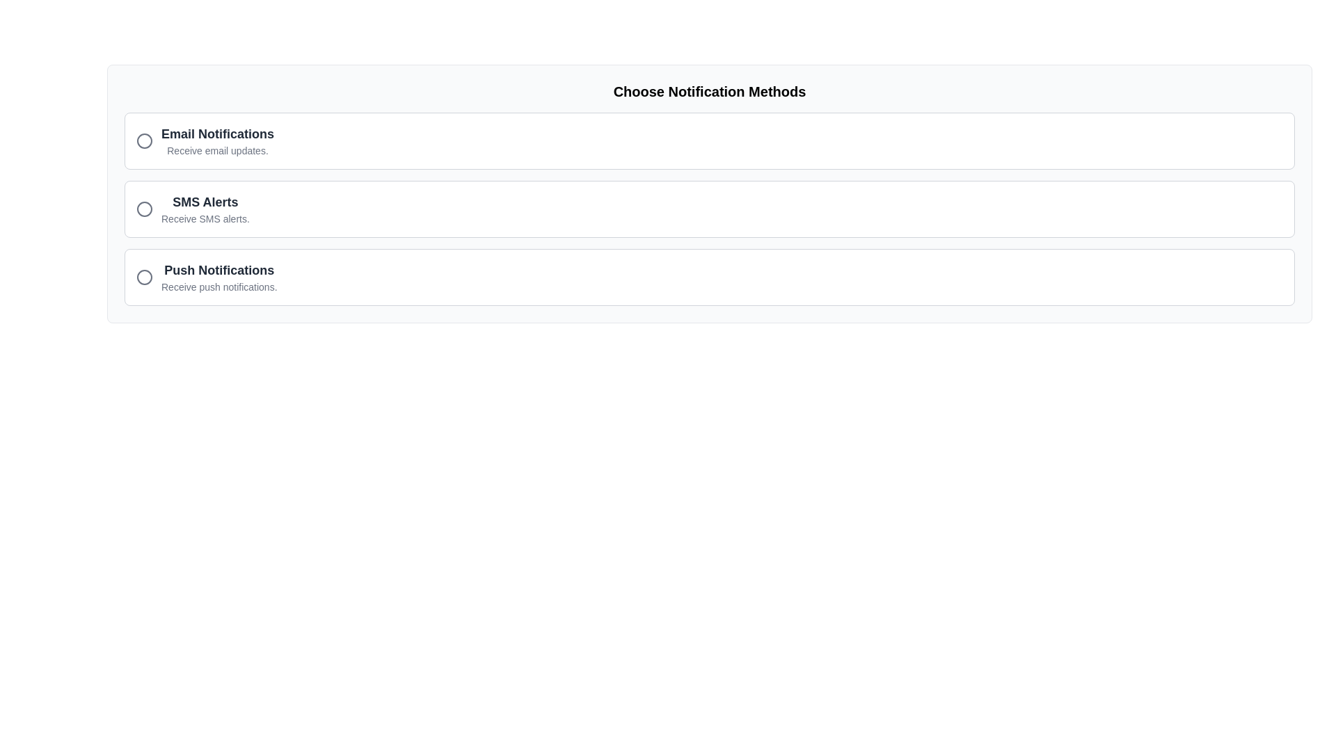 The width and height of the screenshot is (1336, 751). Describe the element at coordinates (144, 209) in the screenshot. I see `the circular icon with a hollow design and gray outline, which is part of the 'SMS Alerts' option in the notification settings interface, positioned to the left of the 'SMS Alerts' text` at that location.